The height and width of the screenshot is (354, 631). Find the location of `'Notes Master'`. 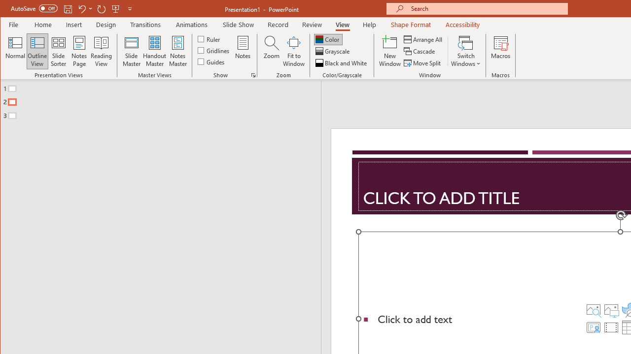

'Notes Master' is located at coordinates (177, 51).